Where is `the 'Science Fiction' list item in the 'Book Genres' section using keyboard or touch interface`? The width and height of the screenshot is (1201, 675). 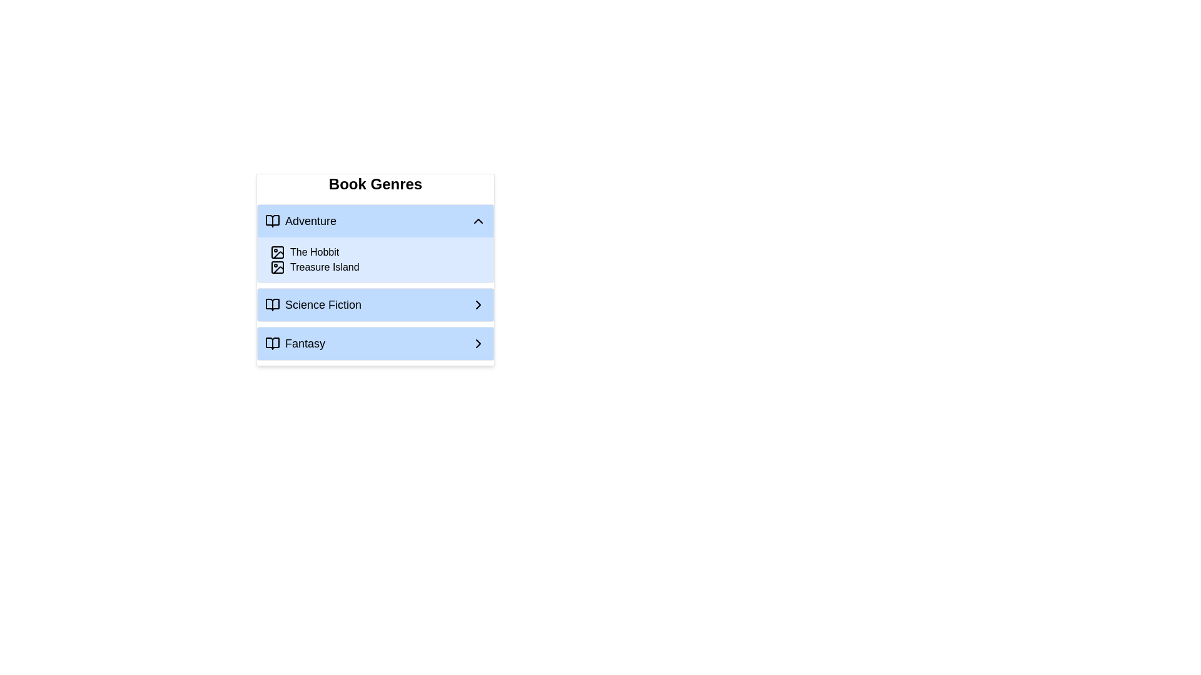 the 'Science Fiction' list item in the 'Book Genres' section using keyboard or touch interface is located at coordinates (375, 305).